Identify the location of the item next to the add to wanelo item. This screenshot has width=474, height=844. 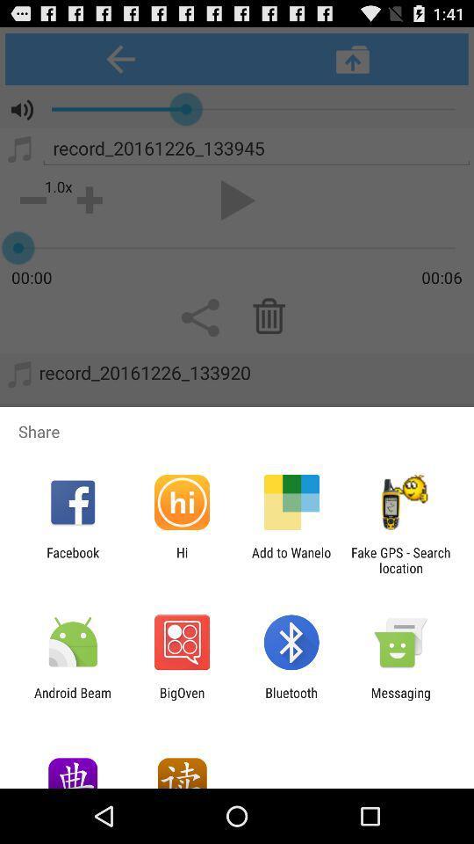
(181, 559).